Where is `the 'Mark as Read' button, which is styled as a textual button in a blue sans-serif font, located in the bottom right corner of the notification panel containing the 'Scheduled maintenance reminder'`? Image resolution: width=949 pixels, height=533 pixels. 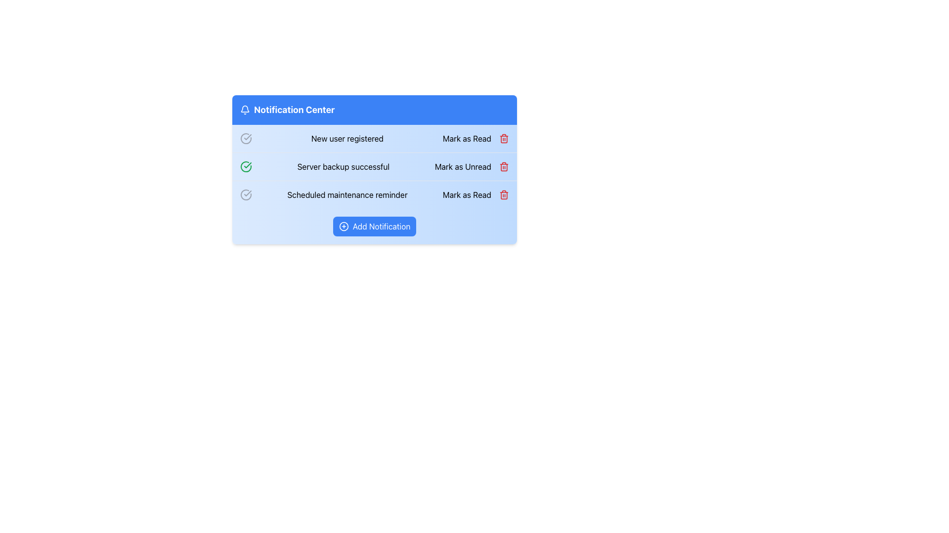
the 'Mark as Read' button, which is styled as a textual button in a blue sans-serif font, located in the bottom right corner of the notification panel containing the 'Scheduled maintenance reminder' is located at coordinates (467, 194).